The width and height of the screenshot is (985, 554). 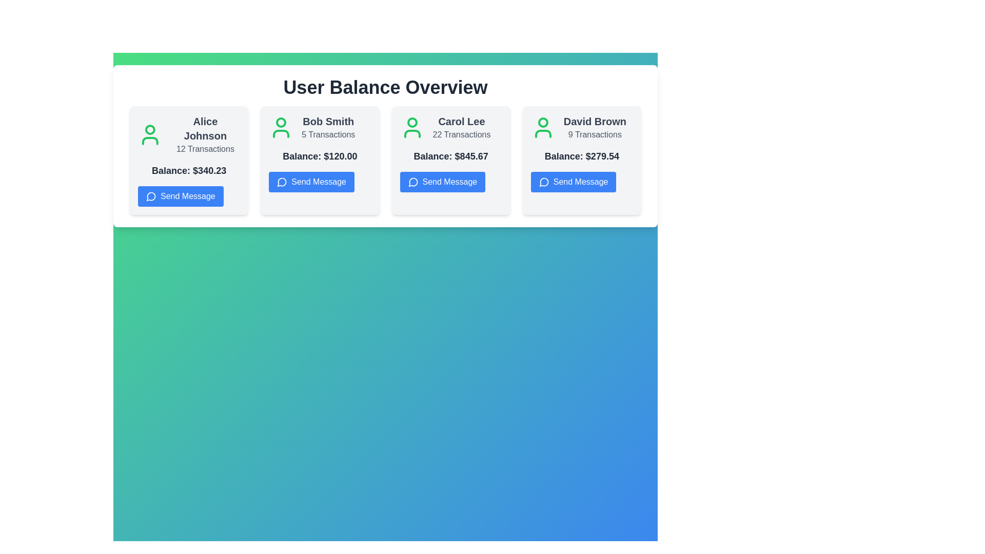 I want to click on the text label displaying 'David Brown' and '9 Transactions' in the fourth user card, which is aligned below a green user icon and above a blue 'Send Message' button, so click(x=595, y=127).